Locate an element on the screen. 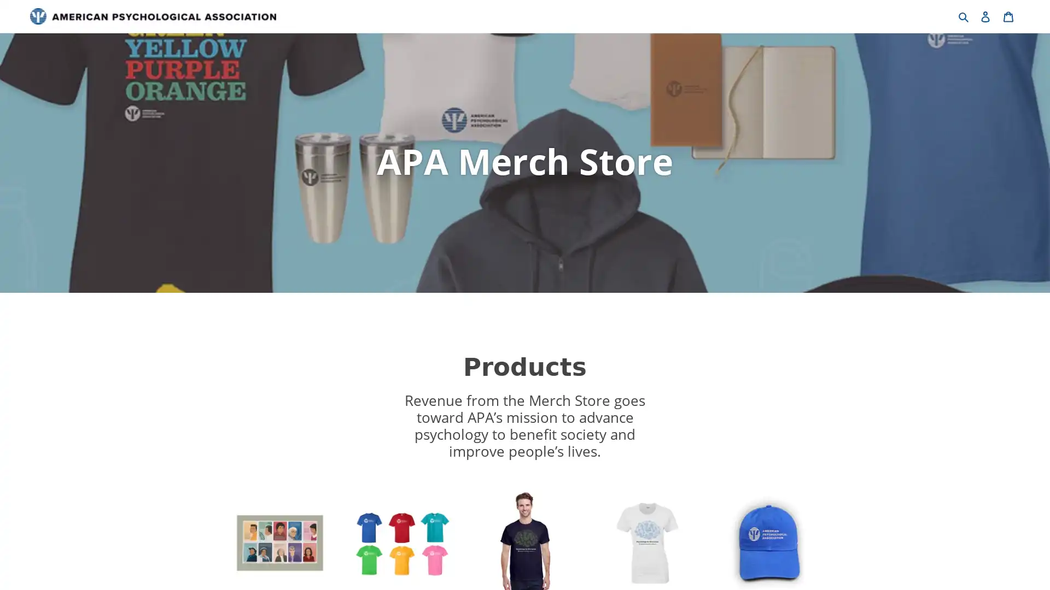 The width and height of the screenshot is (1050, 590). Search is located at coordinates (964, 16).